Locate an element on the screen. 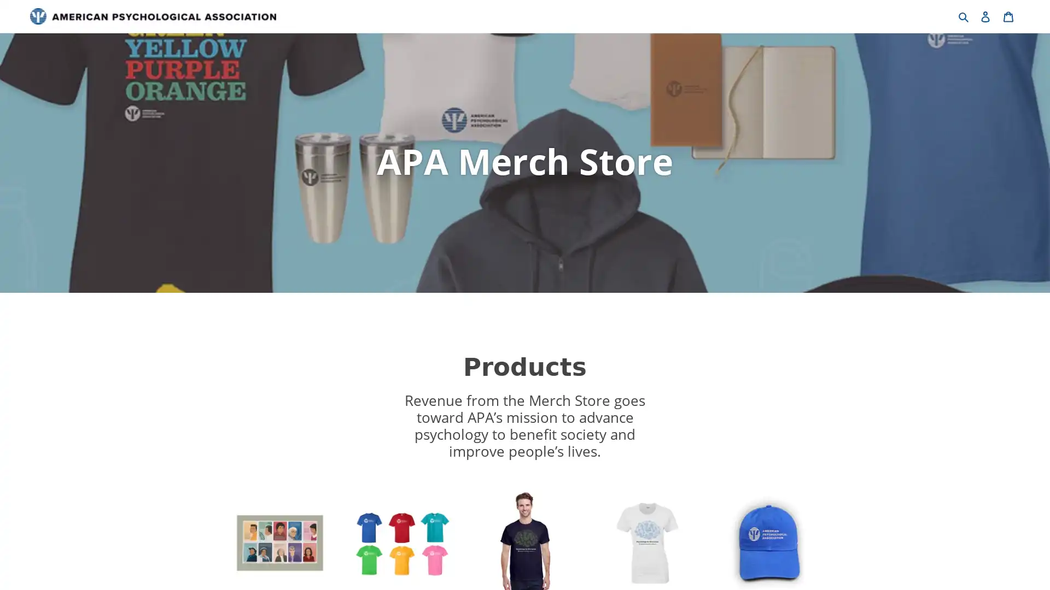 The width and height of the screenshot is (1050, 590). Search is located at coordinates (964, 16).